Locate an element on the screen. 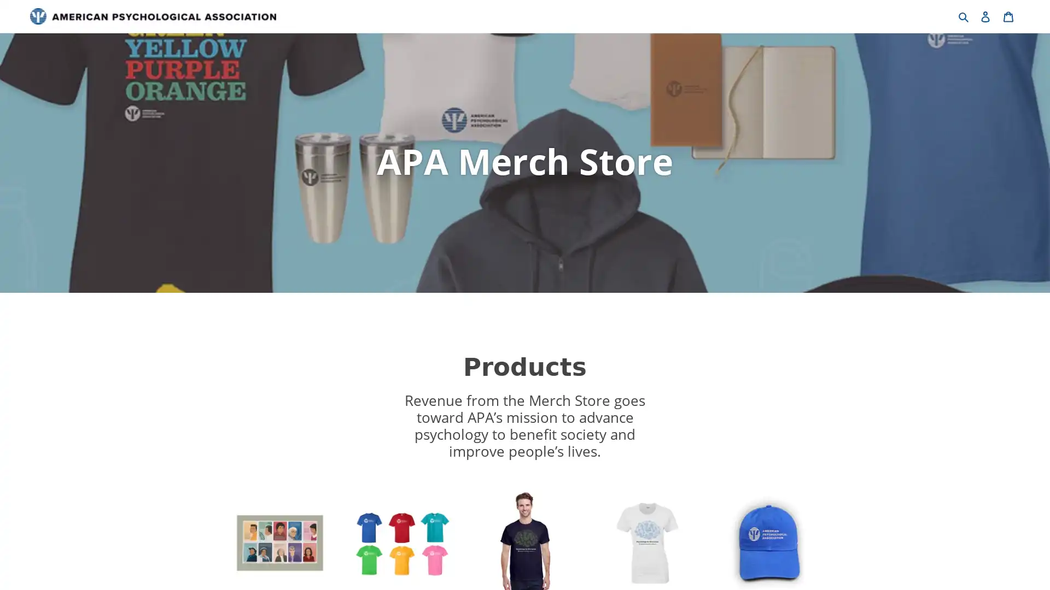 The width and height of the screenshot is (1050, 590). Search is located at coordinates (964, 16).